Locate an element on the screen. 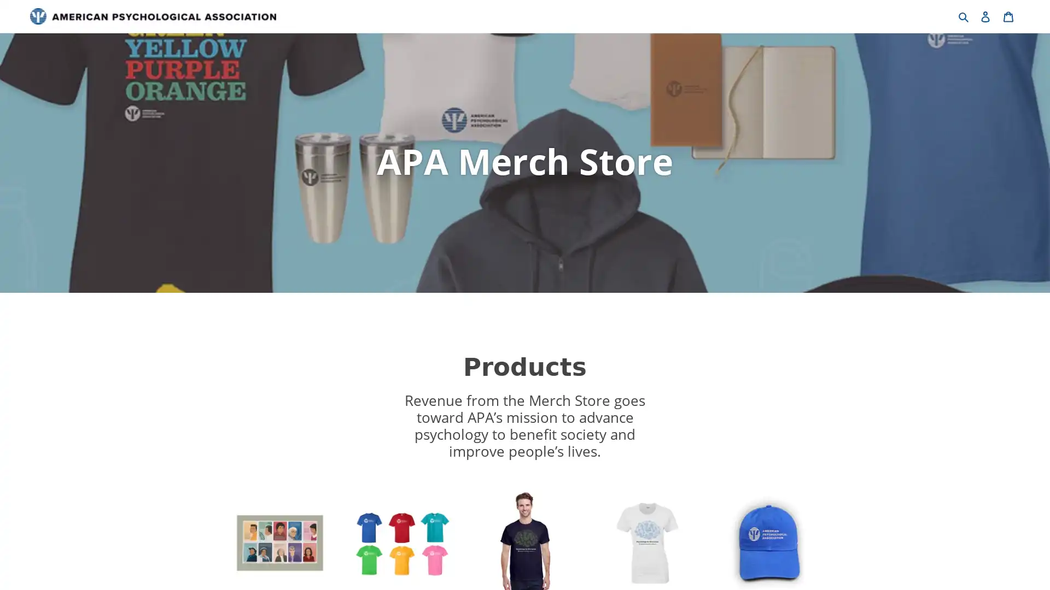 The width and height of the screenshot is (1050, 590). Search is located at coordinates (964, 16).